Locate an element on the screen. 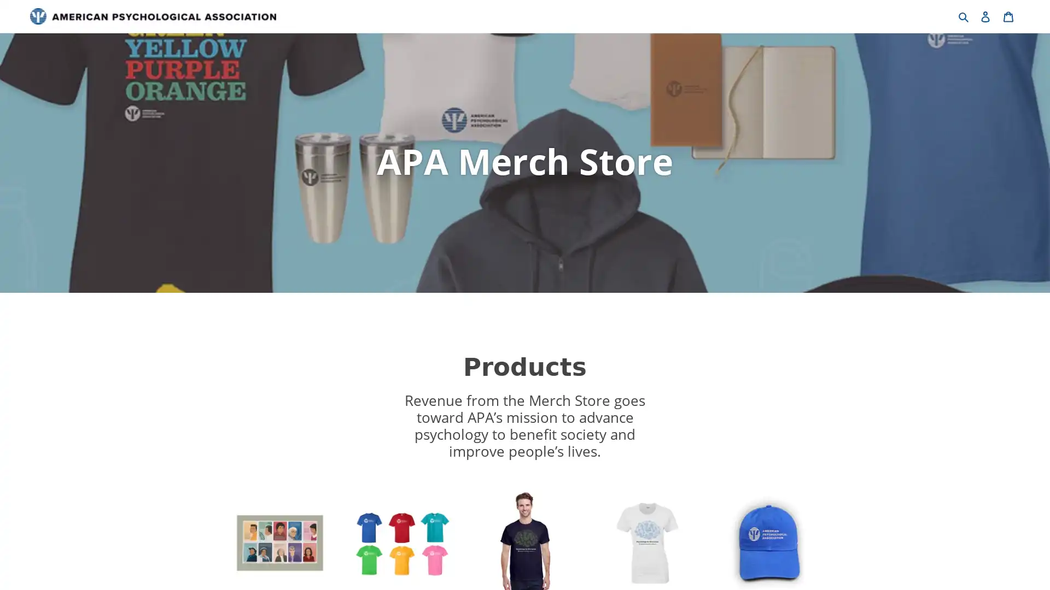 The width and height of the screenshot is (1050, 590). Search is located at coordinates (964, 16).